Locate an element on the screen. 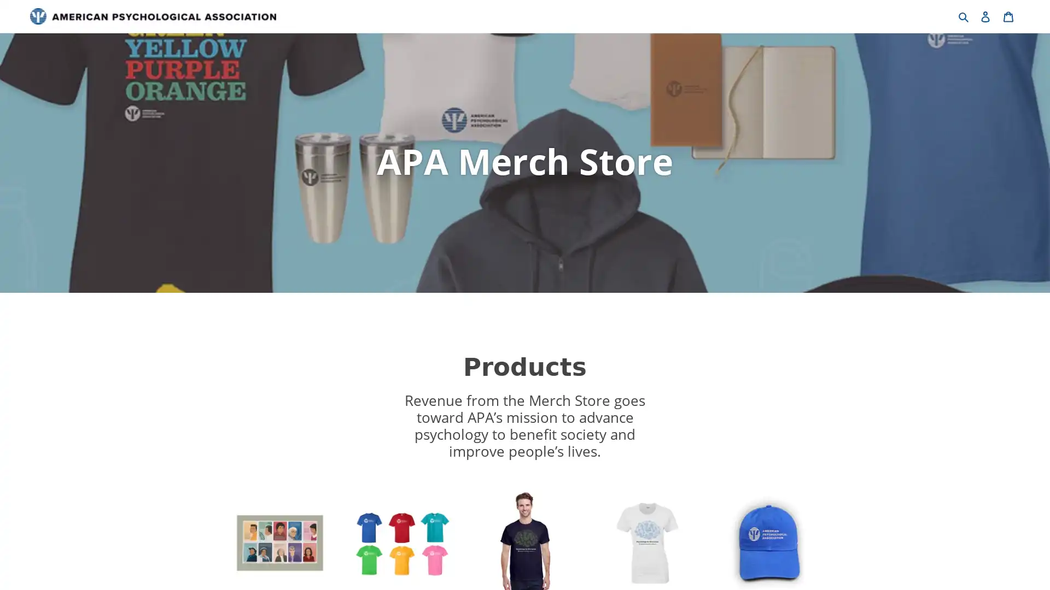 The width and height of the screenshot is (1050, 590). Search is located at coordinates (964, 16).